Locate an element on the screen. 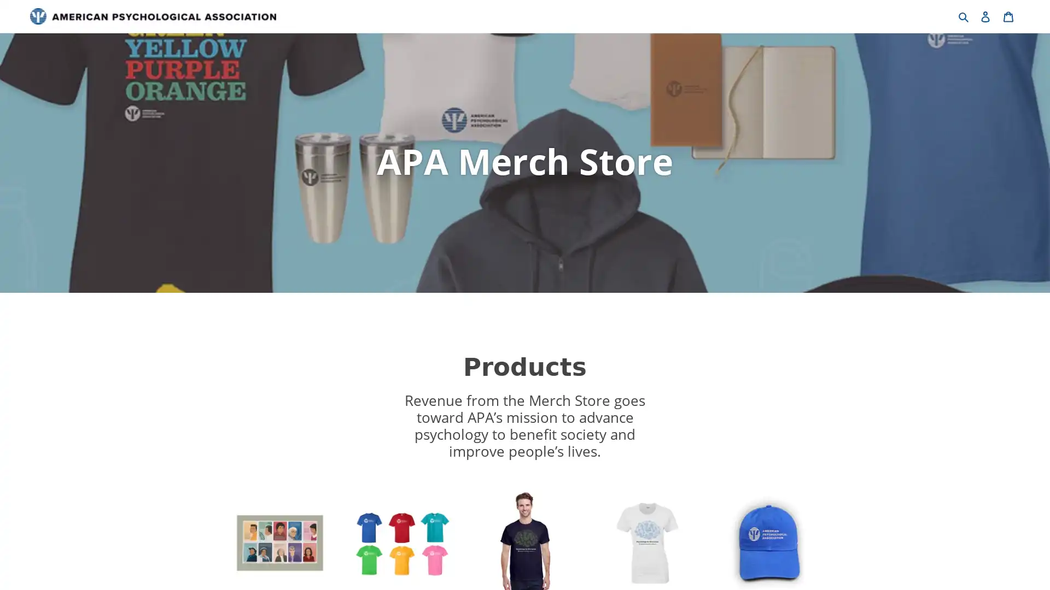 The width and height of the screenshot is (1050, 590). Search is located at coordinates (964, 16).